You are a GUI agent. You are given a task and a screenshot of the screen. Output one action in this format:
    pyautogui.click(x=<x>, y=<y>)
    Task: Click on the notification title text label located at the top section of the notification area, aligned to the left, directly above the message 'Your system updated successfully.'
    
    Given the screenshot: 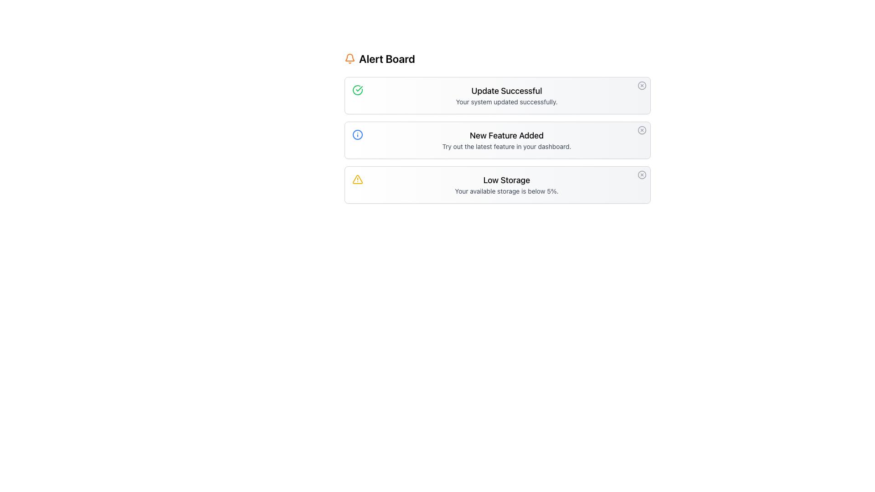 What is the action you would take?
    pyautogui.click(x=506, y=91)
    